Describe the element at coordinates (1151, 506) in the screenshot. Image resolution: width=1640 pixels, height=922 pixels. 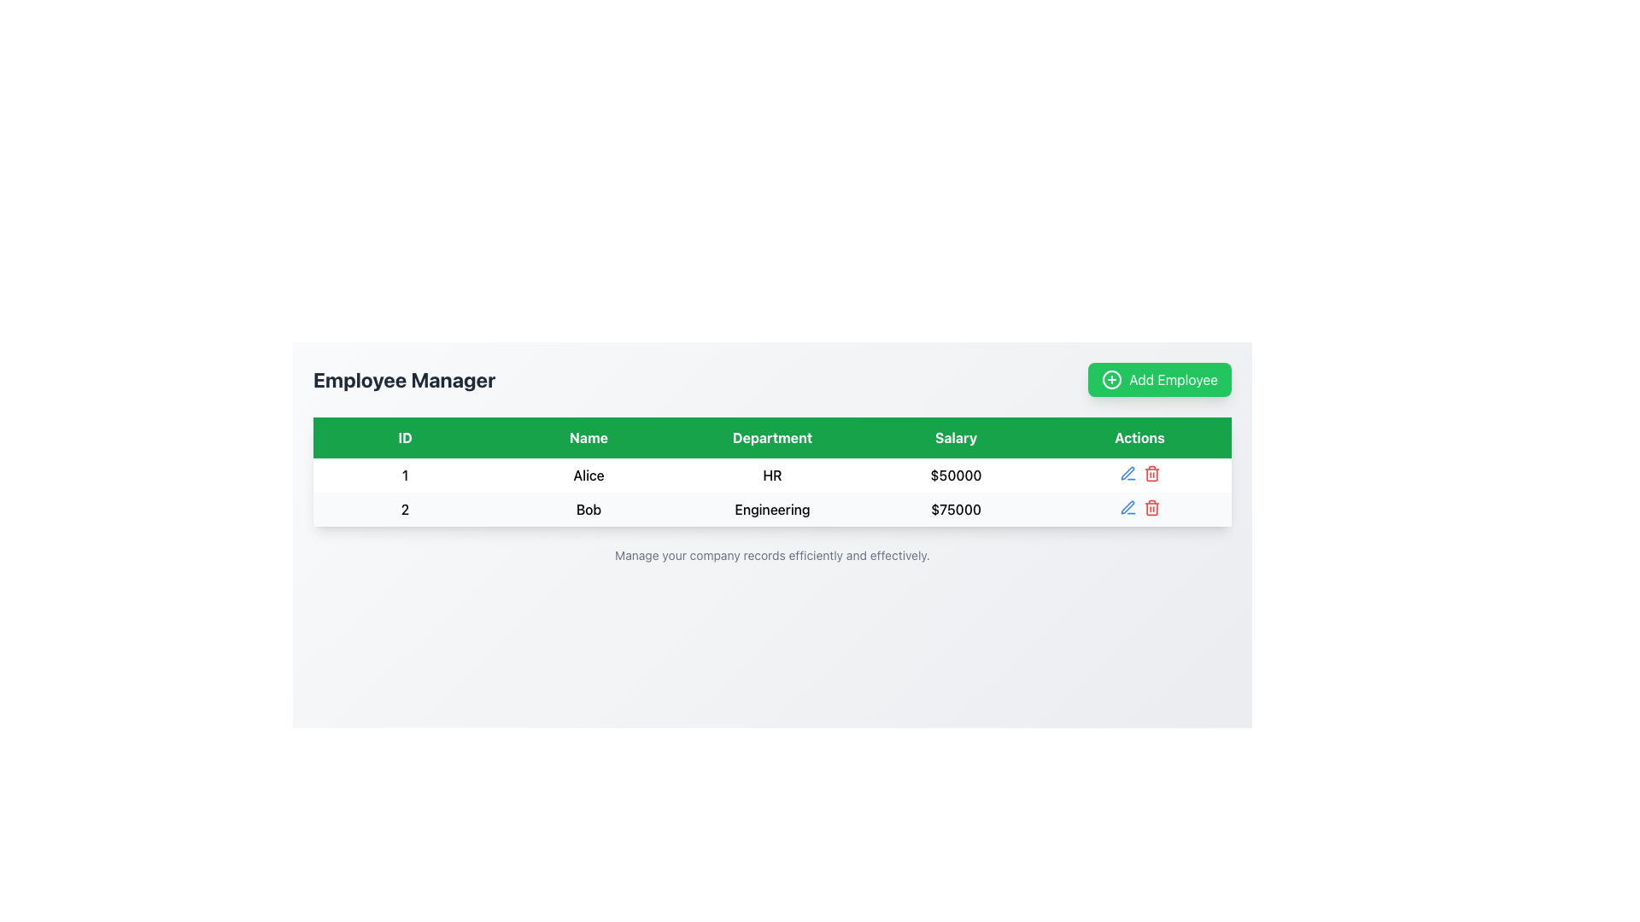
I see `the red trash bin icon in the Actions column of the second row to change its color` at that location.